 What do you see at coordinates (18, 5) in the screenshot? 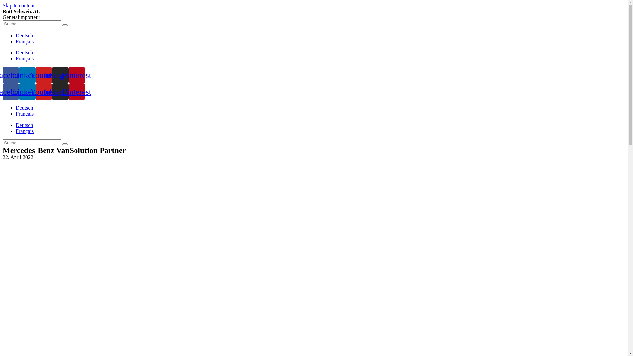
I see `'Skip to content'` at bounding box center [18, 5].